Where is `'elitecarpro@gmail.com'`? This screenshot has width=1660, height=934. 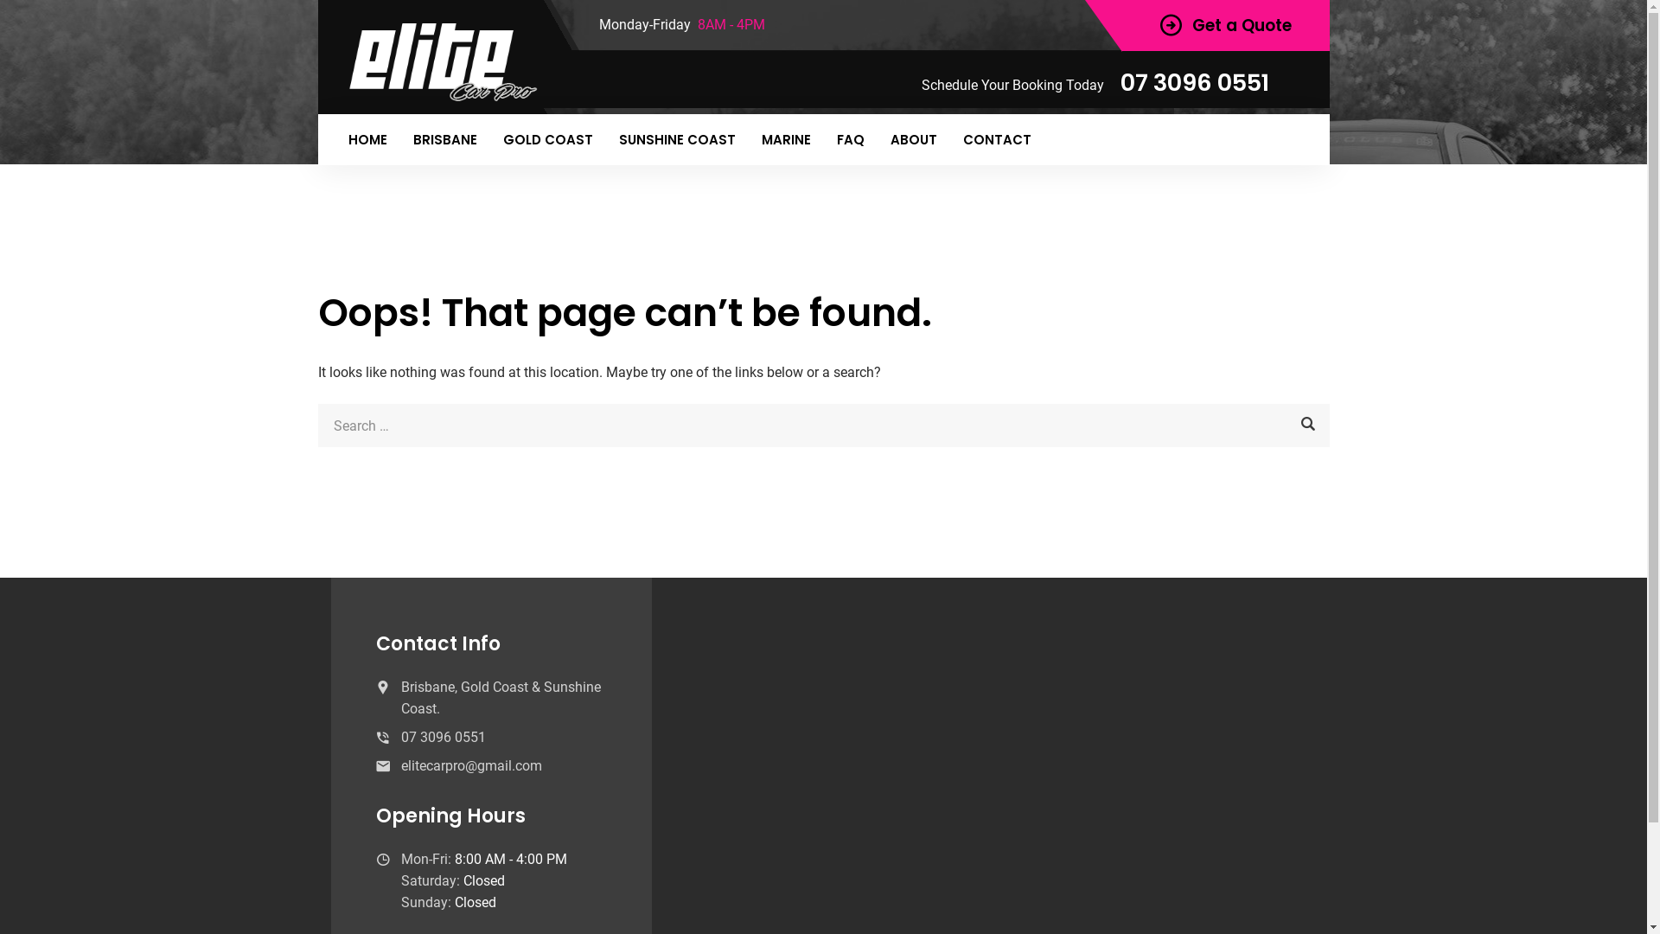
'elitecarpro@gmail.com' is located at coordinates (471, 764).